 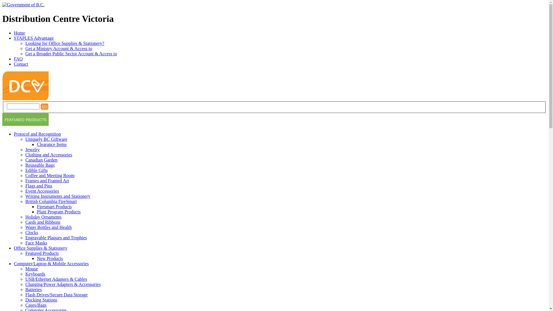 What do you see at coordinates (14, 263) in the screenshot?
I see `'Computer/Laptop & Mobile Accessories'` at bounding box center [14, 263].